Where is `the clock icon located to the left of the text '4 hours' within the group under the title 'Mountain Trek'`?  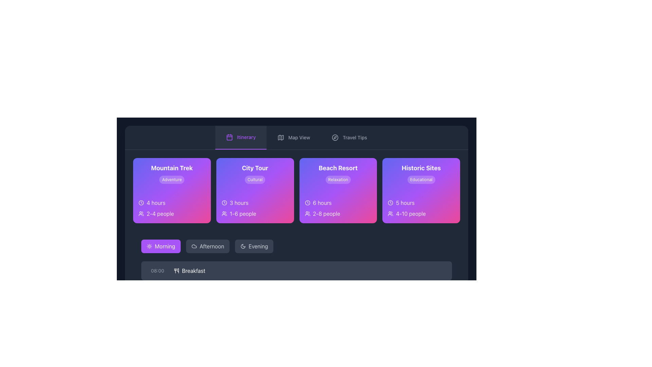 the clock icon located to the left of the text '4 hours' within the group under the title 'Mountain Trek' is located at coordinates (141, 203).